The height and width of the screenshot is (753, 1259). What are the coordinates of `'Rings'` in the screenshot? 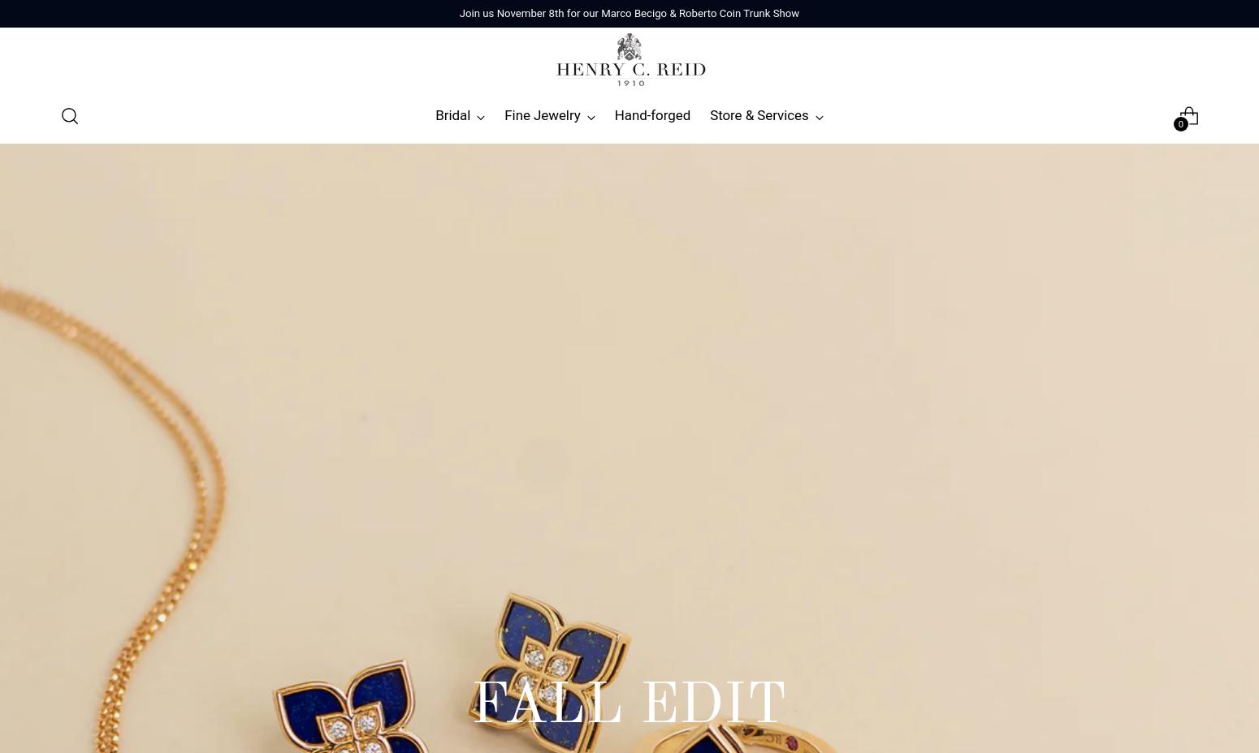 It's located at (80, 197).